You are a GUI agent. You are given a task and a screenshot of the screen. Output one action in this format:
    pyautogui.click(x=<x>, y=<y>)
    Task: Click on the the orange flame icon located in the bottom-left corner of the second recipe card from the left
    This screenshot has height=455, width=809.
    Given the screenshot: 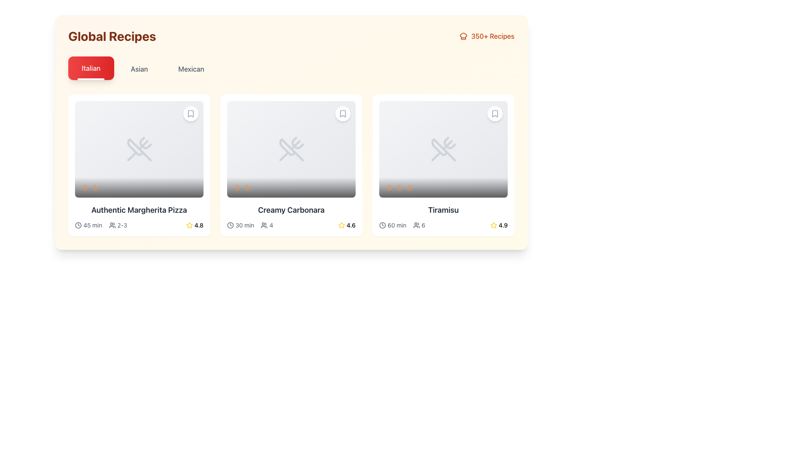 What is the action you would take?
    pyautogui.click(x=246, y=187)
    